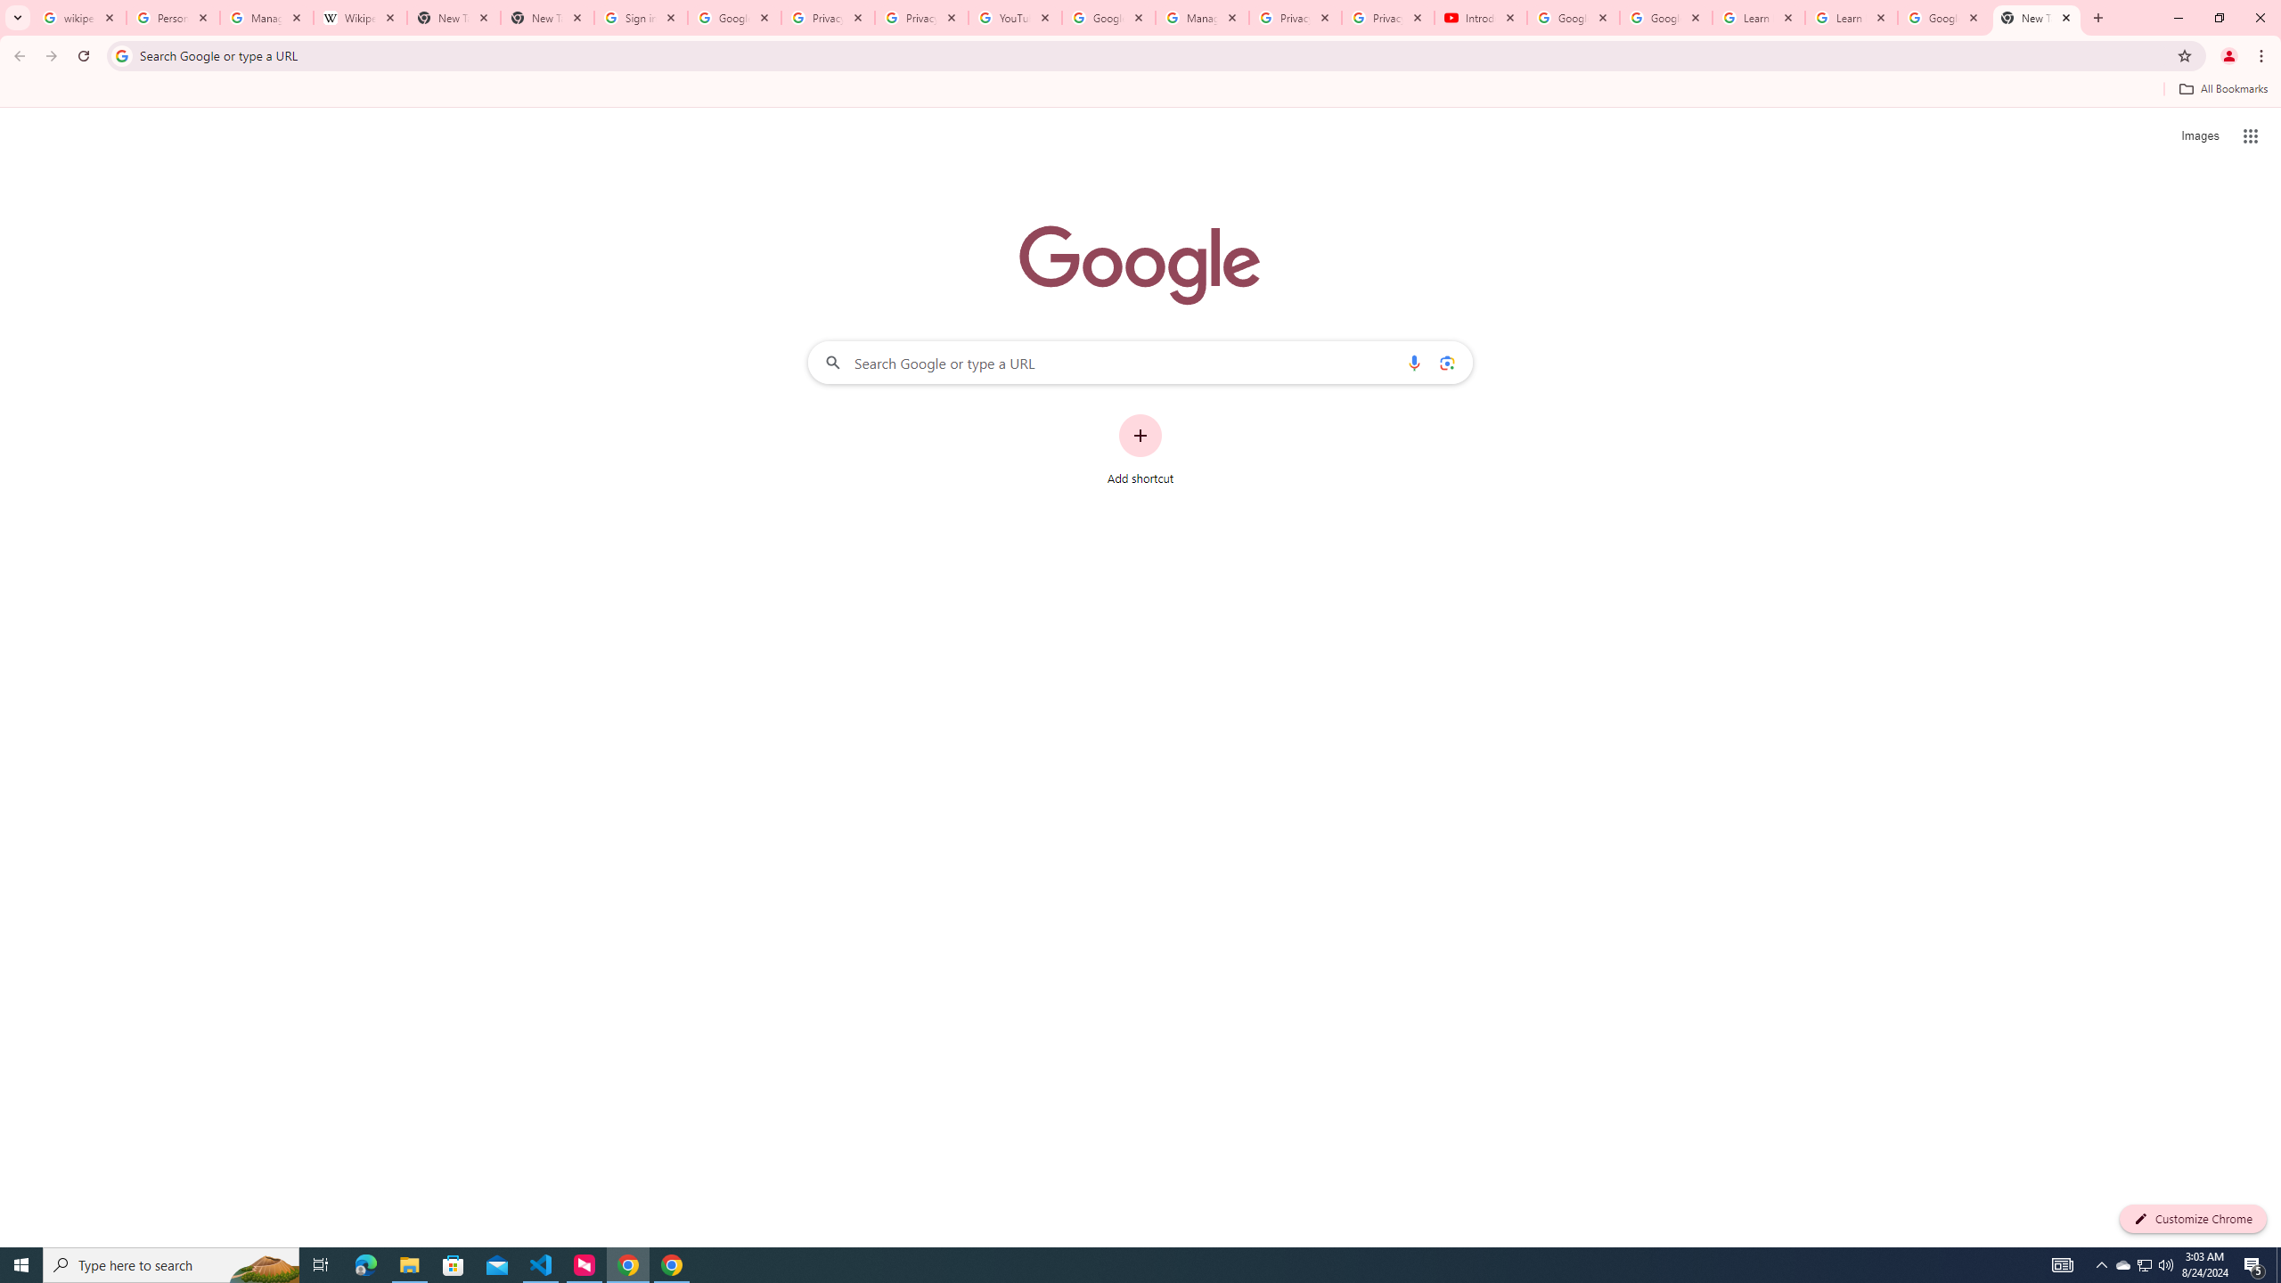  What do you see at coordinates (1666, 17) in the screenshot?
I see `'Google Account Help'` at bounding box center [1666, 17].